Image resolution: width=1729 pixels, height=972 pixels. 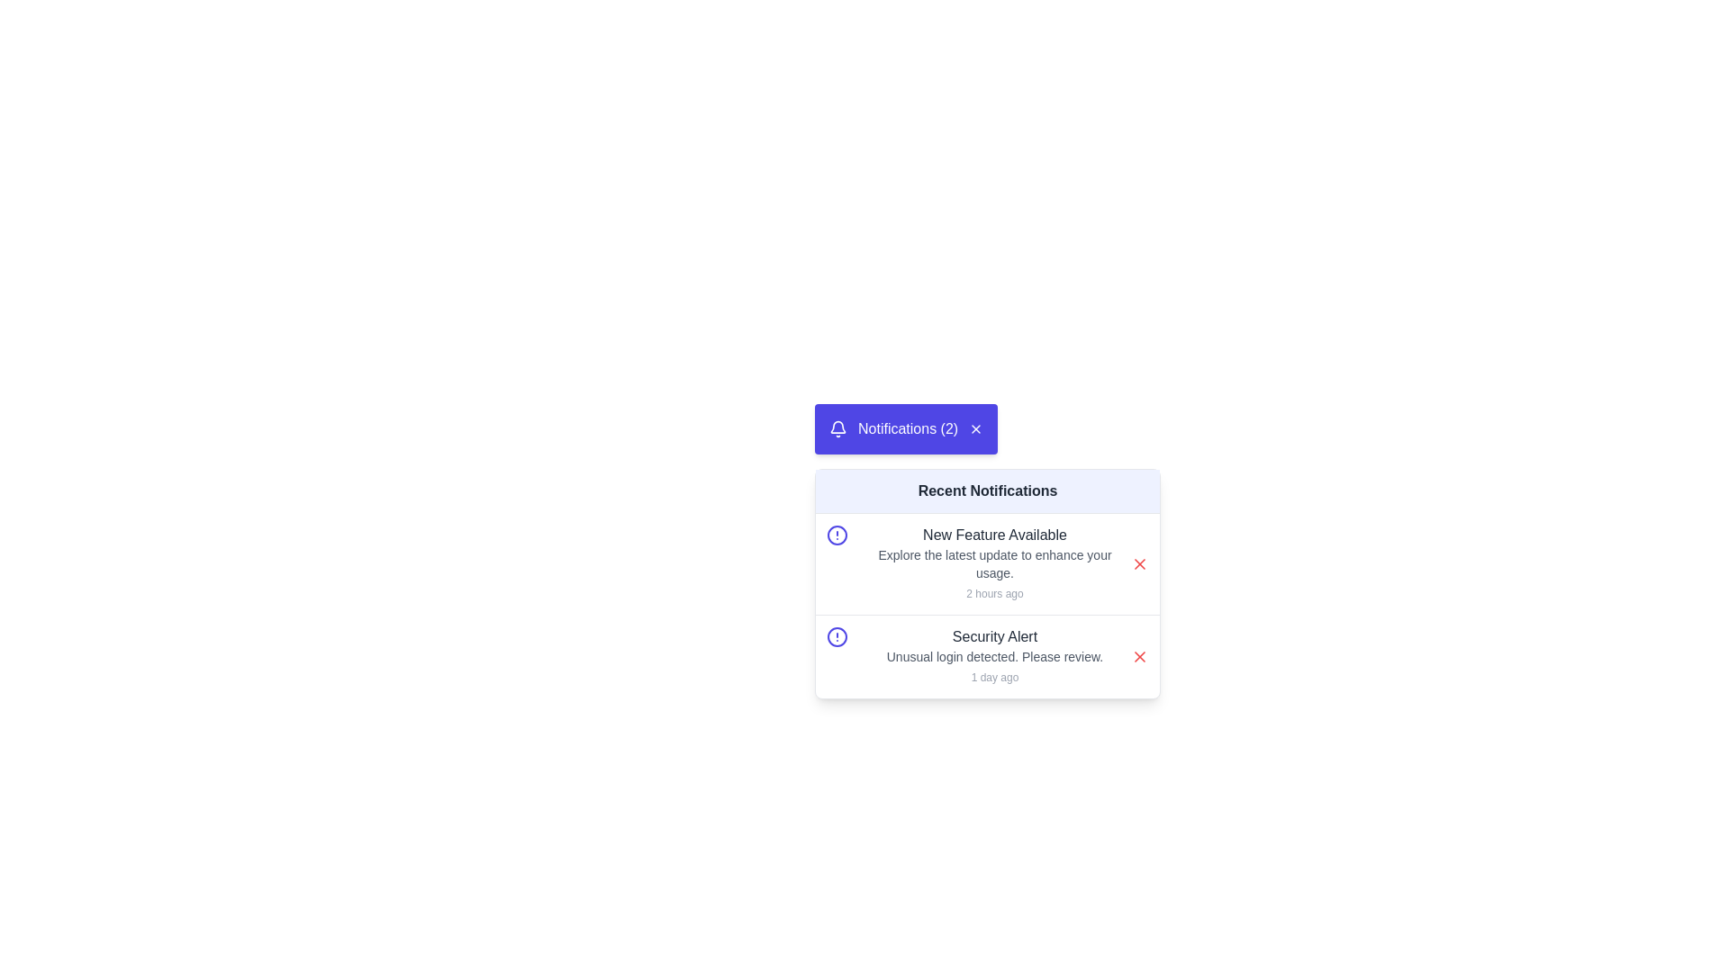 I want to click on the lower part of the bell notification icon, which is located in the top-left corner of the notifications popup and is part of the larger bell icon, so click(x=837, y=427).